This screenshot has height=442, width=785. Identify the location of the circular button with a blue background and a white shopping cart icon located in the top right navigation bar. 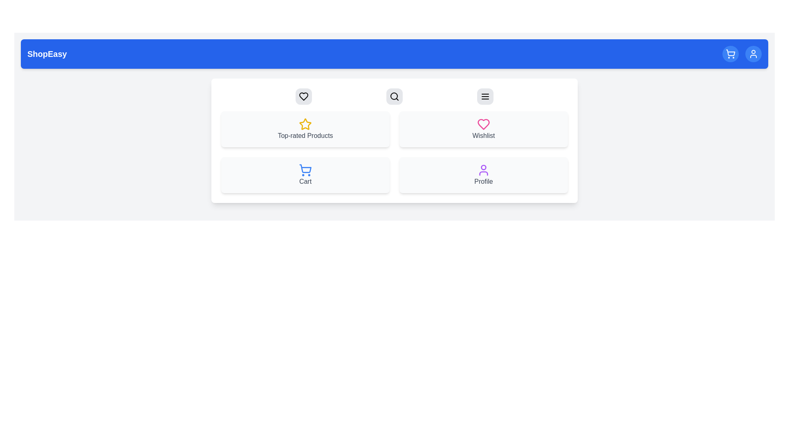
(730, 54).